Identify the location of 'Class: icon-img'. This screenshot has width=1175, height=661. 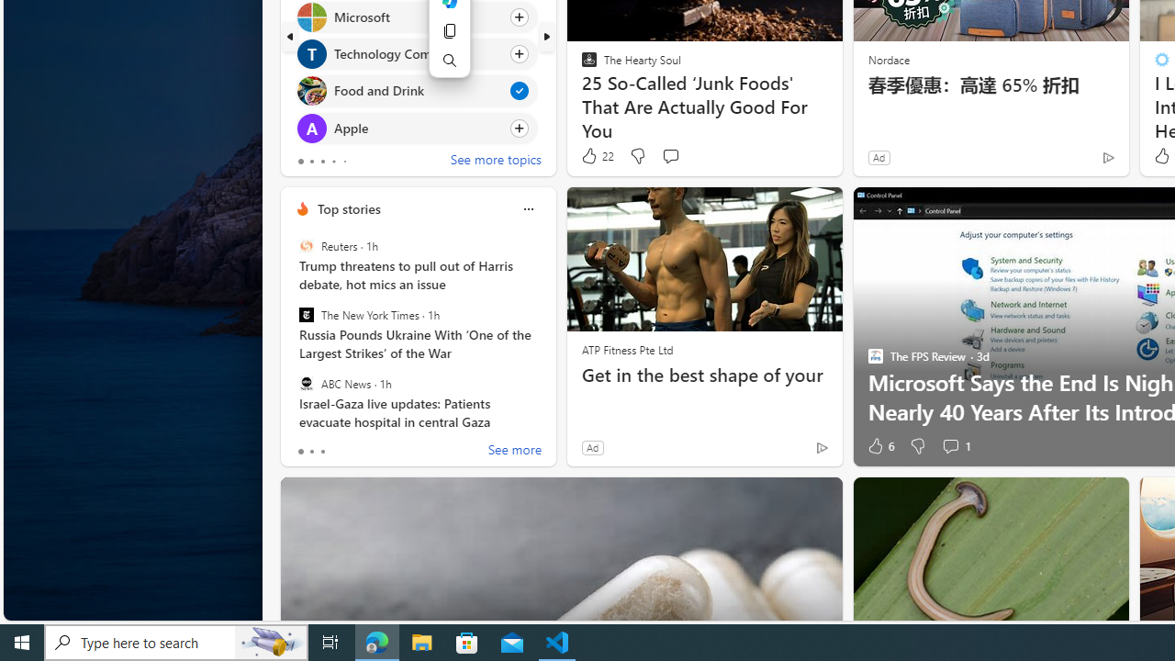
(527, 208).